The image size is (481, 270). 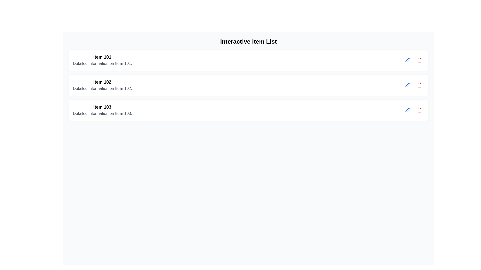 I want to click on the delete button located to the far right of the first row, adjacent to the edit pencil icon, so click(x=420, y=60).